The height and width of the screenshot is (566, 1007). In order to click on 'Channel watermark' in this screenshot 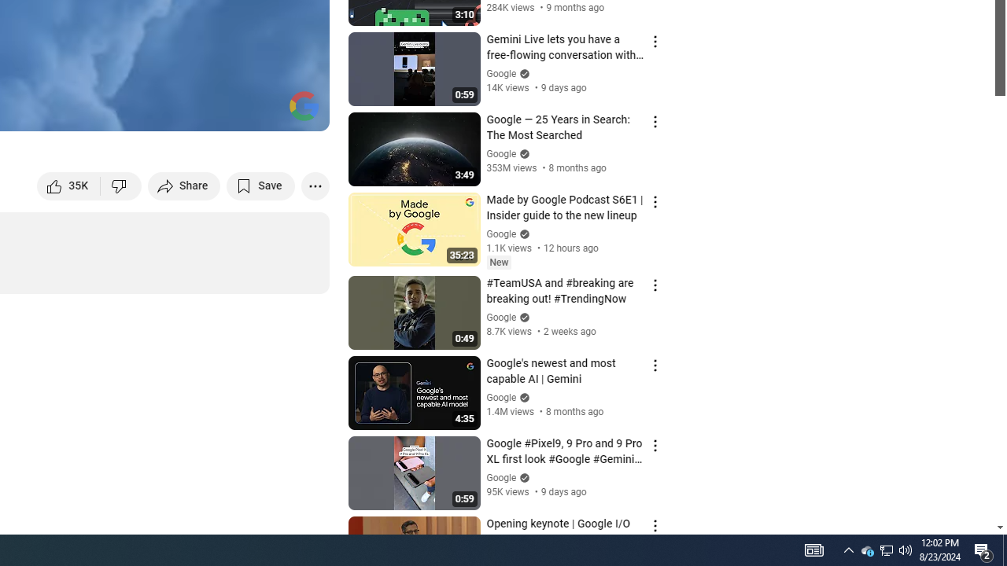, I will do `click(304, 106)`.